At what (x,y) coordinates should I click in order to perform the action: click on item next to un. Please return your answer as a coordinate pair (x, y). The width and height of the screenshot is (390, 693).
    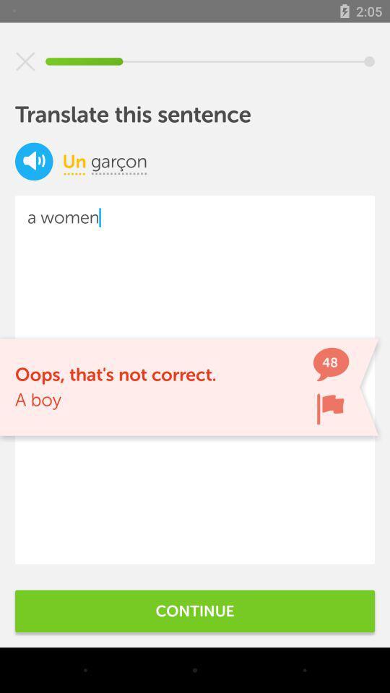
    Looking at the image, I should click on (34, 161).